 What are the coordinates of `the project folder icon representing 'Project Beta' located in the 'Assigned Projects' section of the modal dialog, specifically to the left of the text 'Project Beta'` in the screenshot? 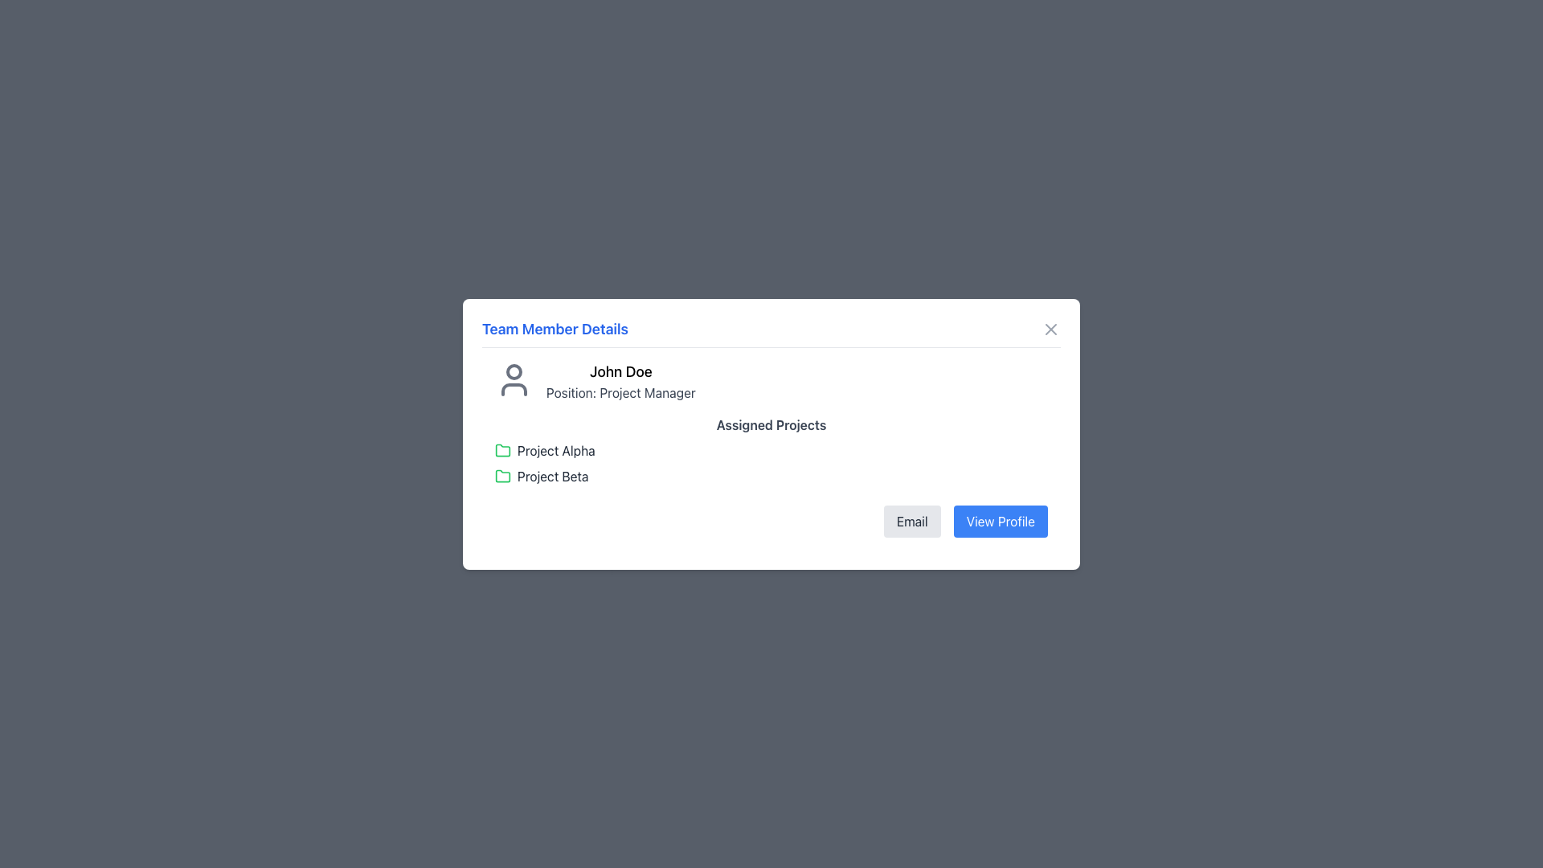 It's located at (501, 449).